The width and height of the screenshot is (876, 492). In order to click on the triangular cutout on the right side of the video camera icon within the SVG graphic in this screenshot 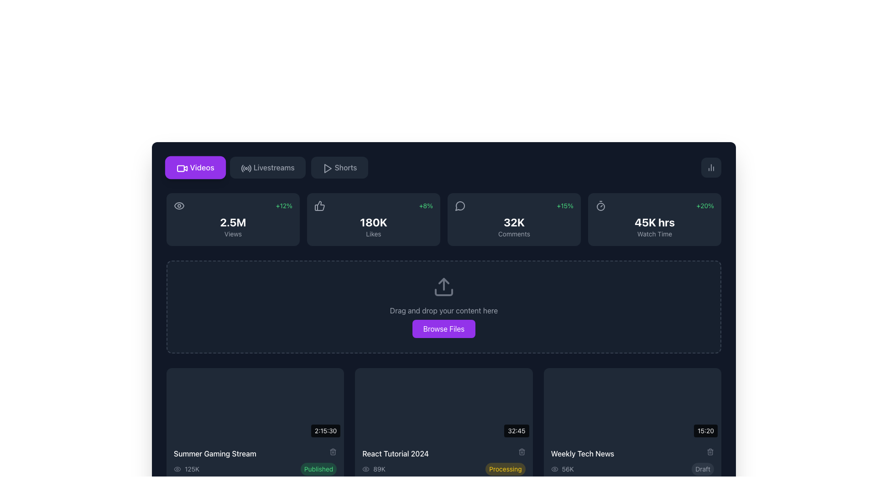, I will do `click(185, 169)`.